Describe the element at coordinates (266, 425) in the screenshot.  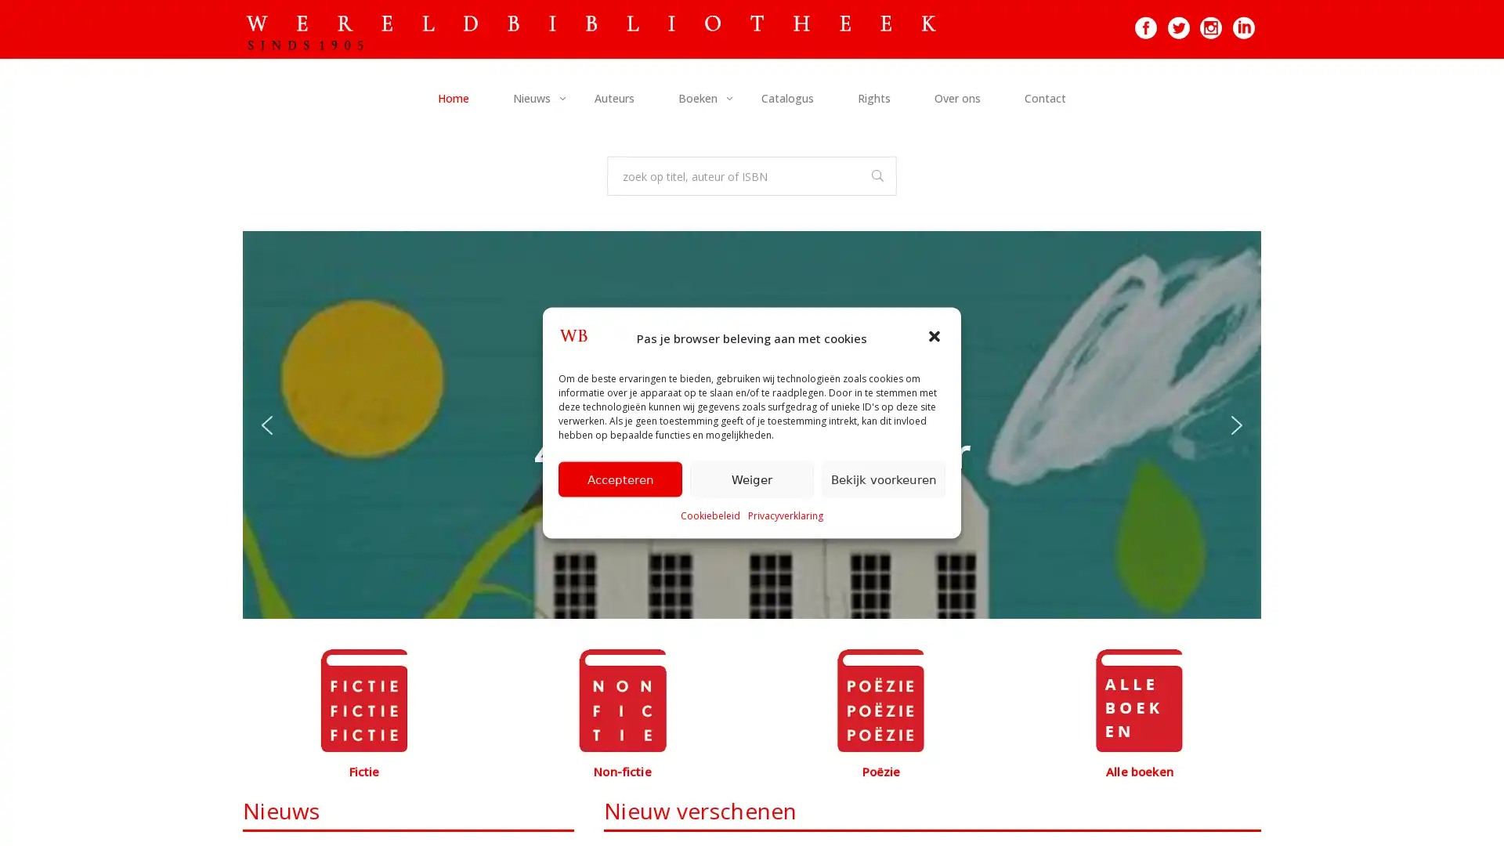
I see `previous arrow` at that location.